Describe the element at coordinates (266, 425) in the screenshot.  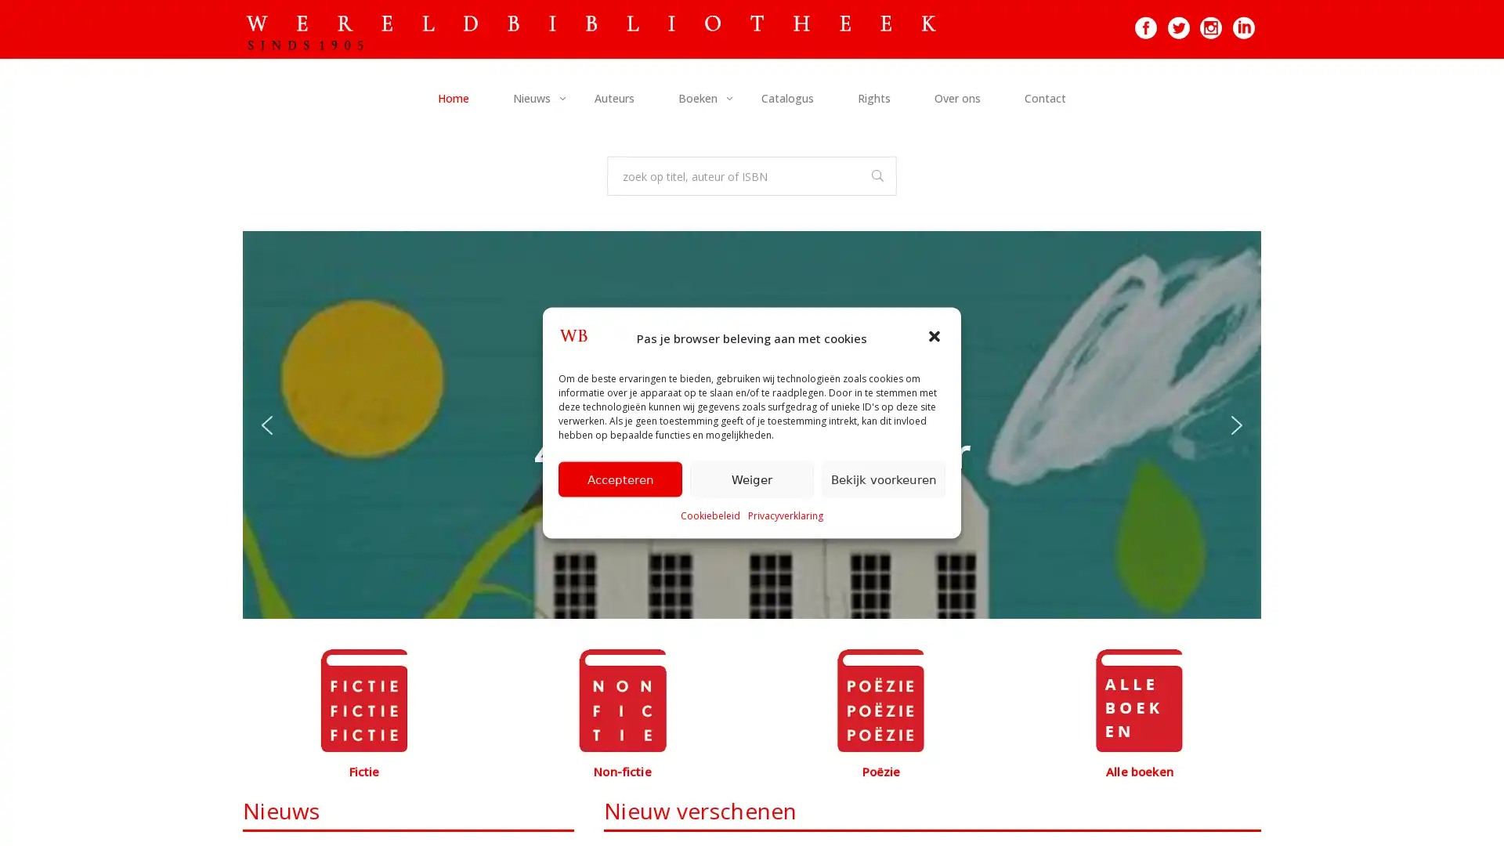
I see `previous arrow` at that location.